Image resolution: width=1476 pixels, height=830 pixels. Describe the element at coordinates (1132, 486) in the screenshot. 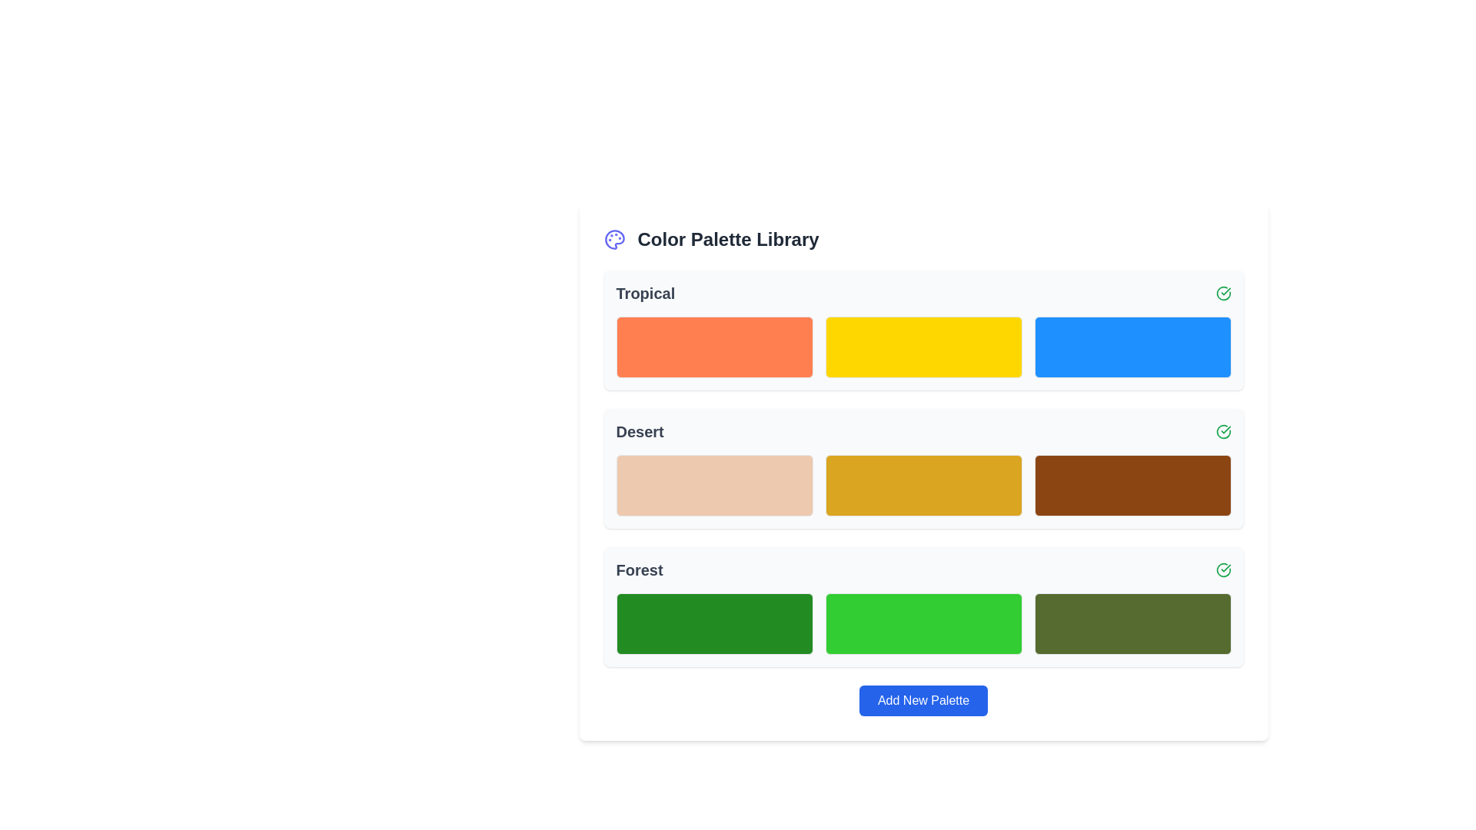

I see `the static rectangular color box representing a color in the 'Desert' section of the color palette` at that location.